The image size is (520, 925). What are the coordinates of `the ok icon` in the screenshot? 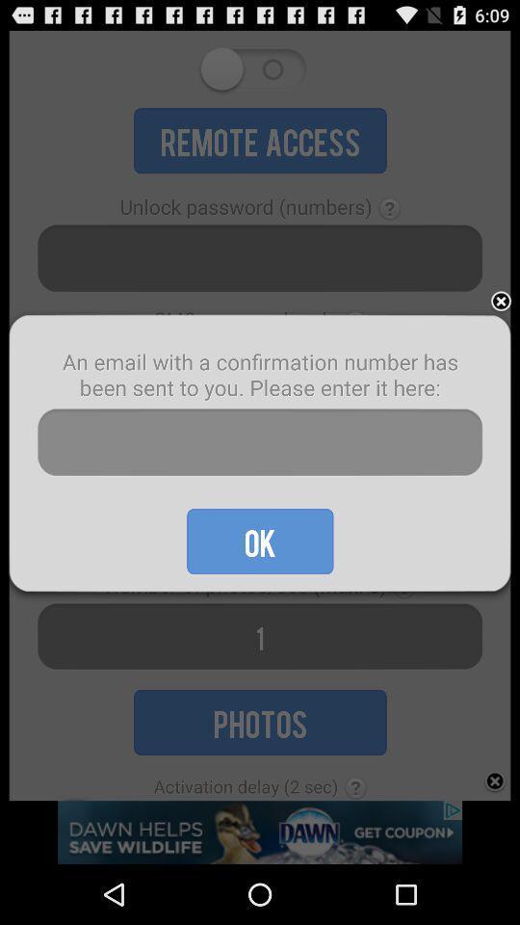 It's located at (260, 542).